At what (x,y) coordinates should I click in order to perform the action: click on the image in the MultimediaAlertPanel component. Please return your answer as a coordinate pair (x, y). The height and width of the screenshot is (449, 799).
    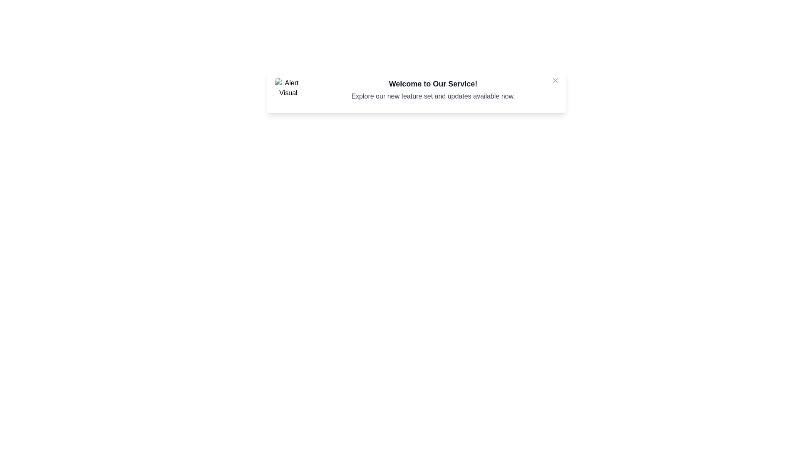
    Looking at the image, I should click on (288, 91).